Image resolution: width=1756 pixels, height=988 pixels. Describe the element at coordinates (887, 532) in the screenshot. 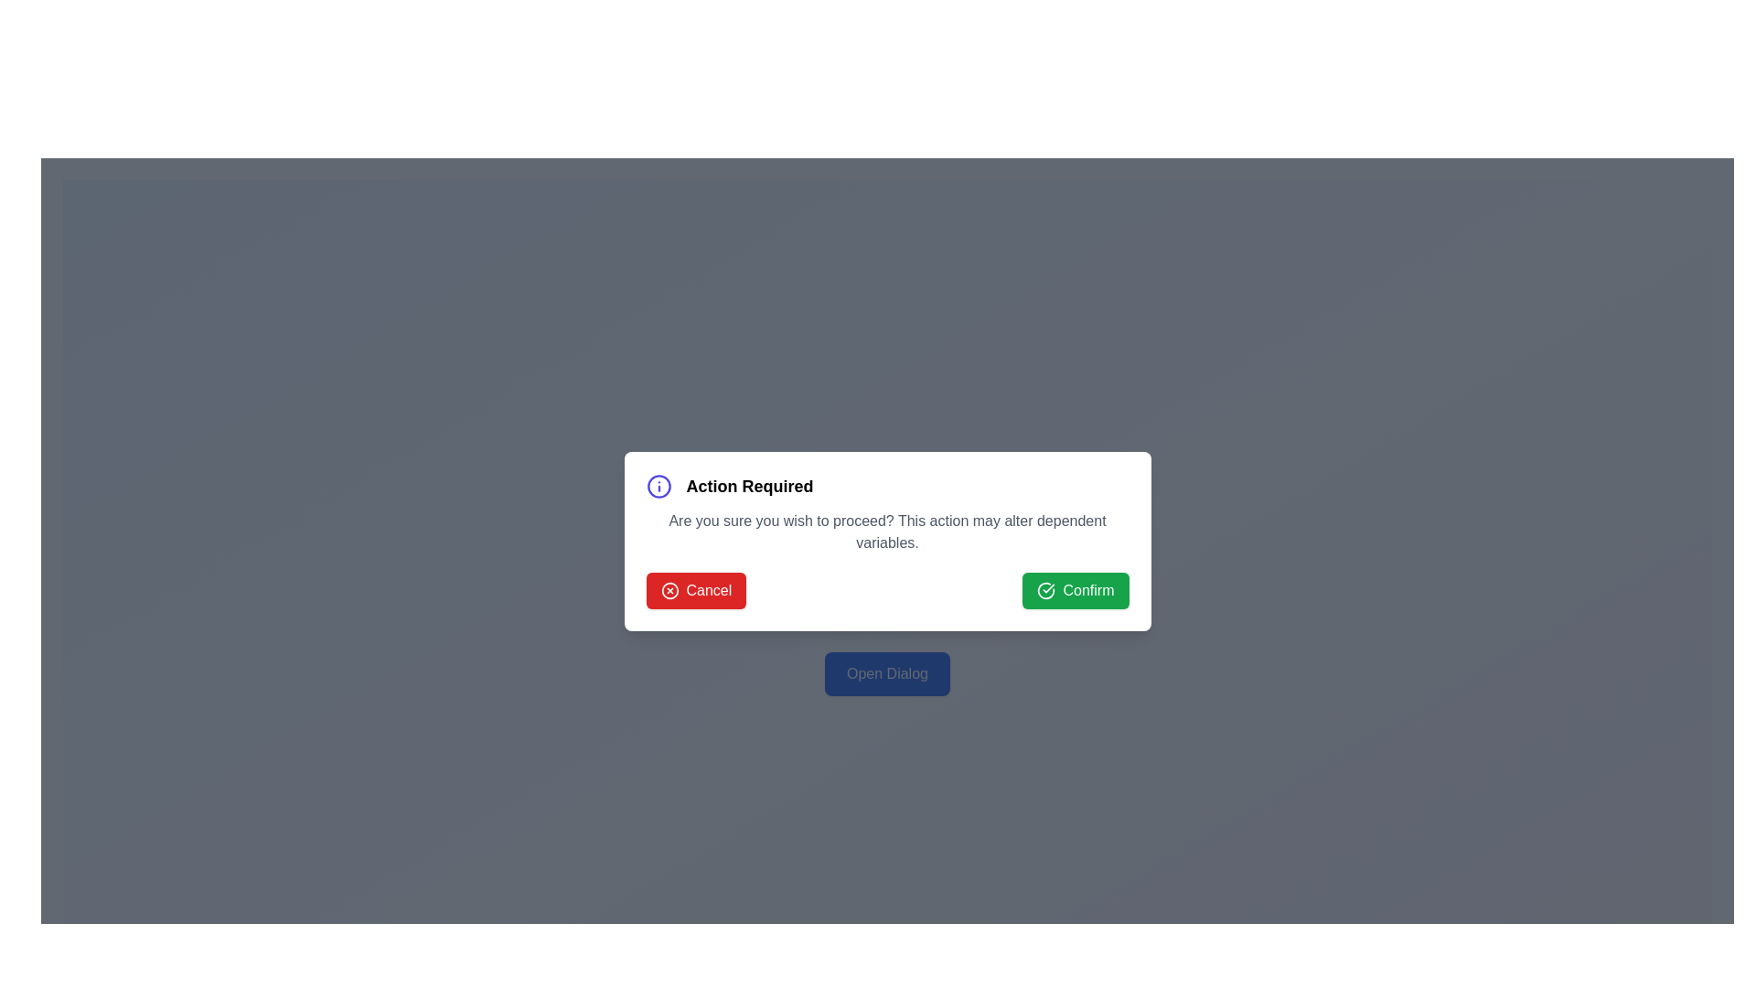

I see `static text block that displays the message: 'Are you sure you wish to proceed? This action may alter dependent variables.' which is located in the dialog box below the title 'Action Required'` at that location.